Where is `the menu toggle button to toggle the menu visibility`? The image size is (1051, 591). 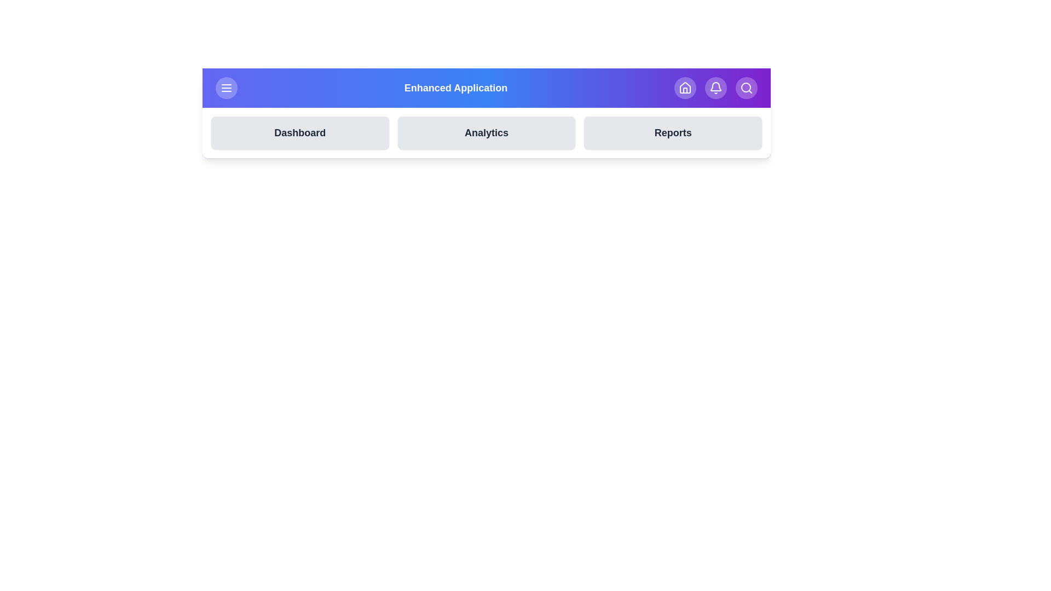 the menu toggle button to toggle the menu visibility is located at coordinates (226, 88).